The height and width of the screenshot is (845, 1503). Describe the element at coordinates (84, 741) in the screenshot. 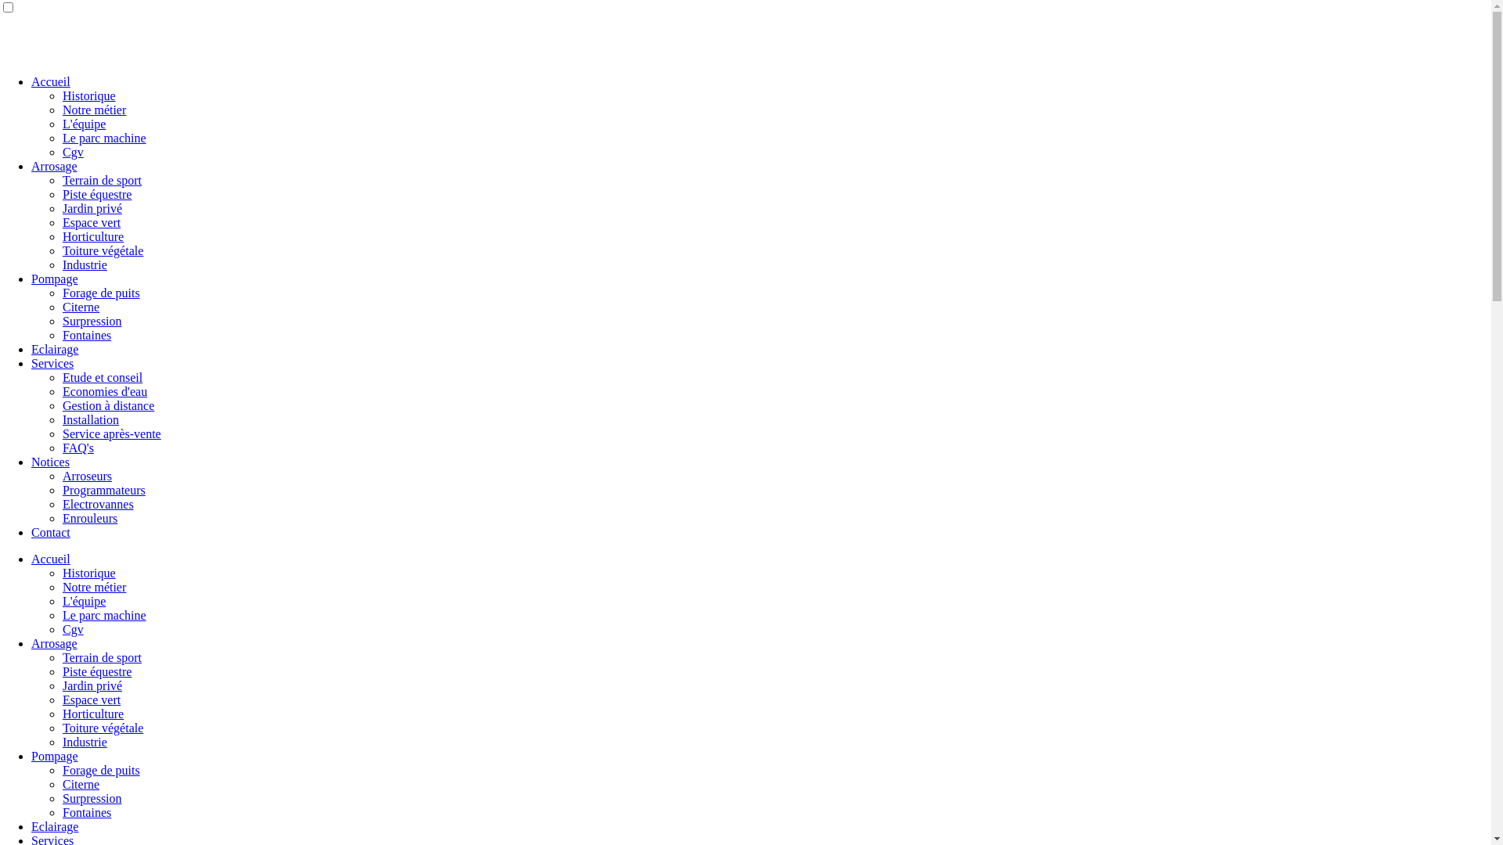

I see `'Industrie'` at that location.